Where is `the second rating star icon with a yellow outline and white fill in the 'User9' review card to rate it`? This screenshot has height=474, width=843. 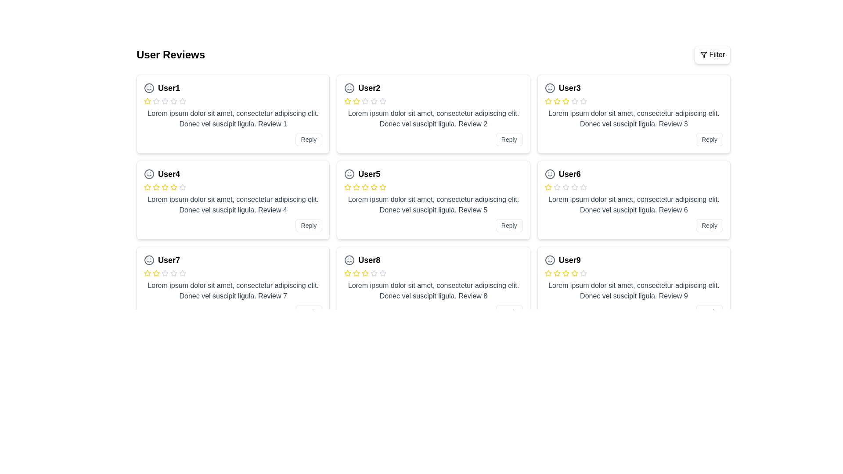 the second rating star icon with a yellow outline and white fill in the 'User9' review card to rate it is located at coordinates (566, 273).